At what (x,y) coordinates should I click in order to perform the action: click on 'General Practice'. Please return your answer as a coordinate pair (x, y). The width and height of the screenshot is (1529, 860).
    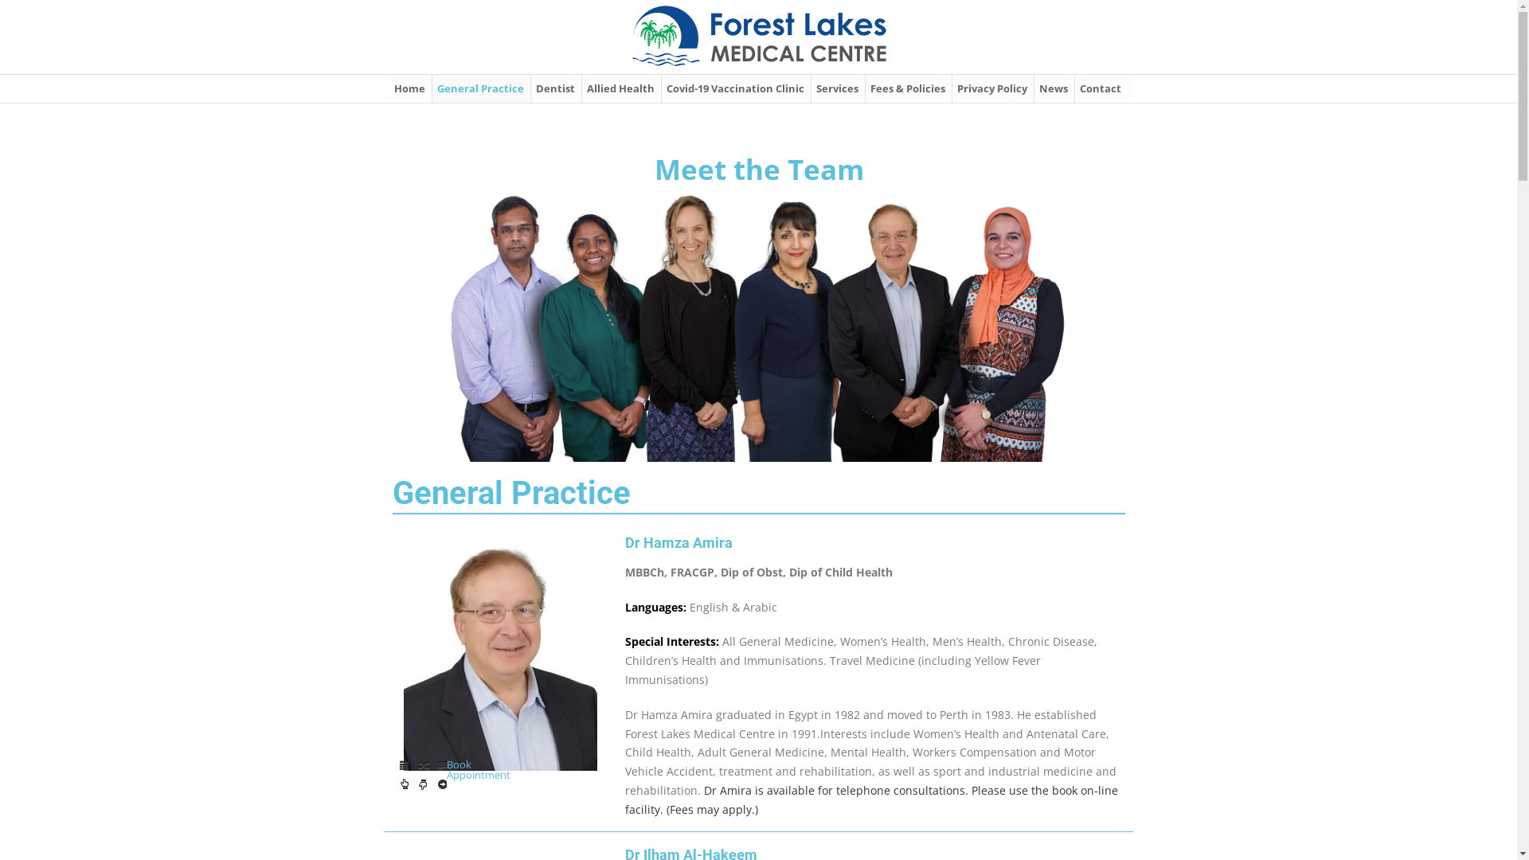
    Looking at the image, I should click on (479, 88).